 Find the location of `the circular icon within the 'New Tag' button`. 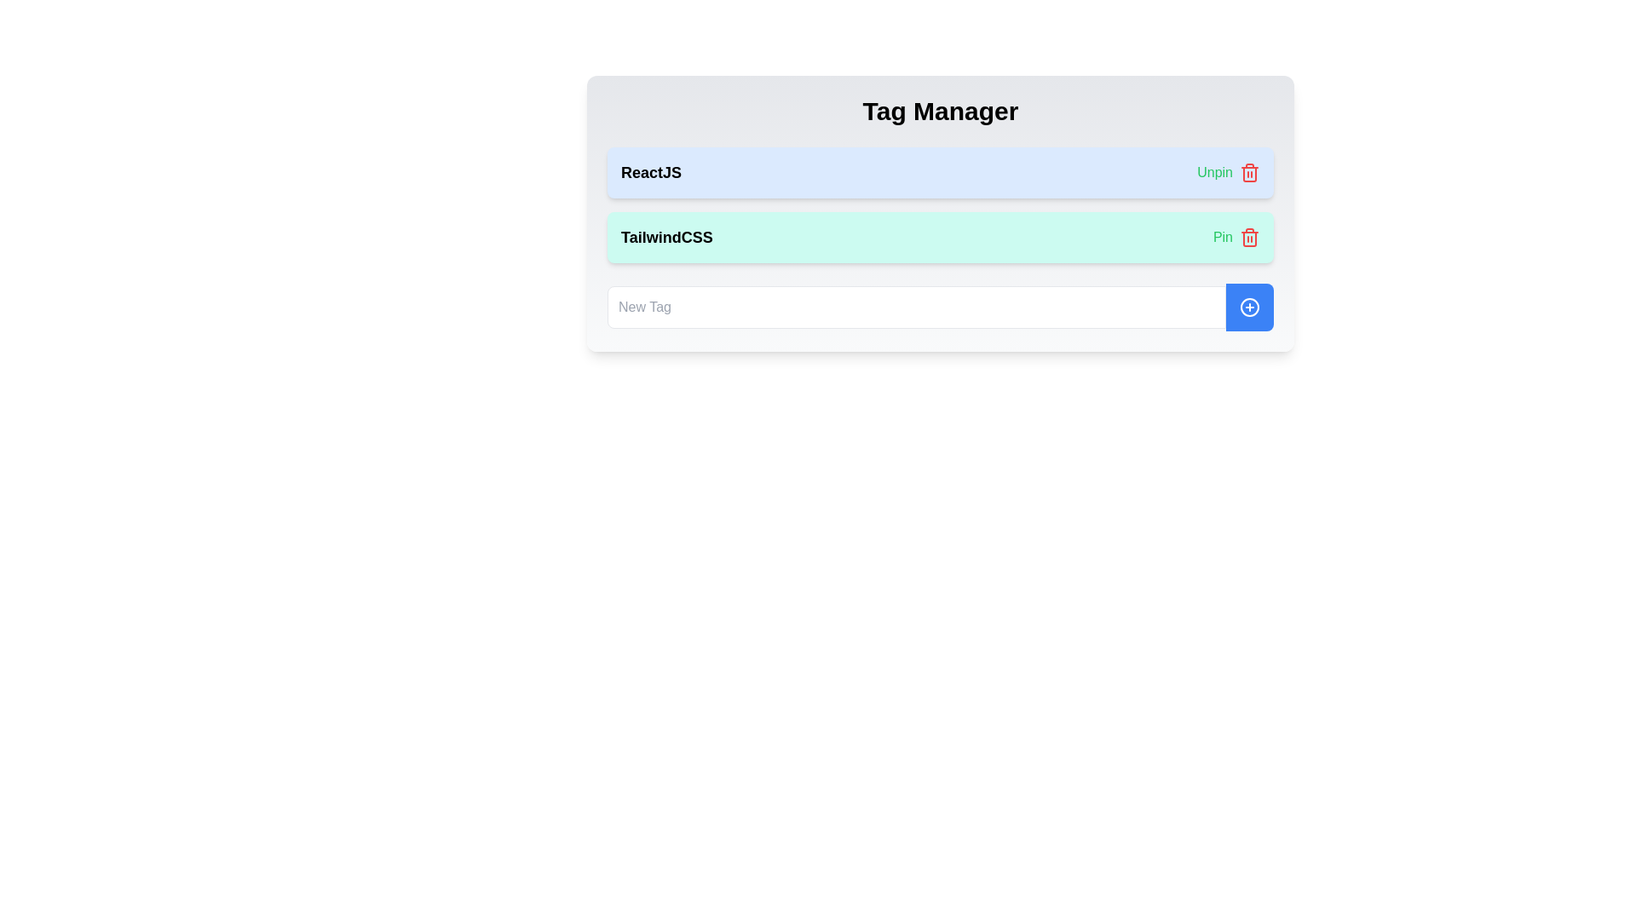

the circular icon within the 'New Tag' button is located at coordinates (1250, 308).